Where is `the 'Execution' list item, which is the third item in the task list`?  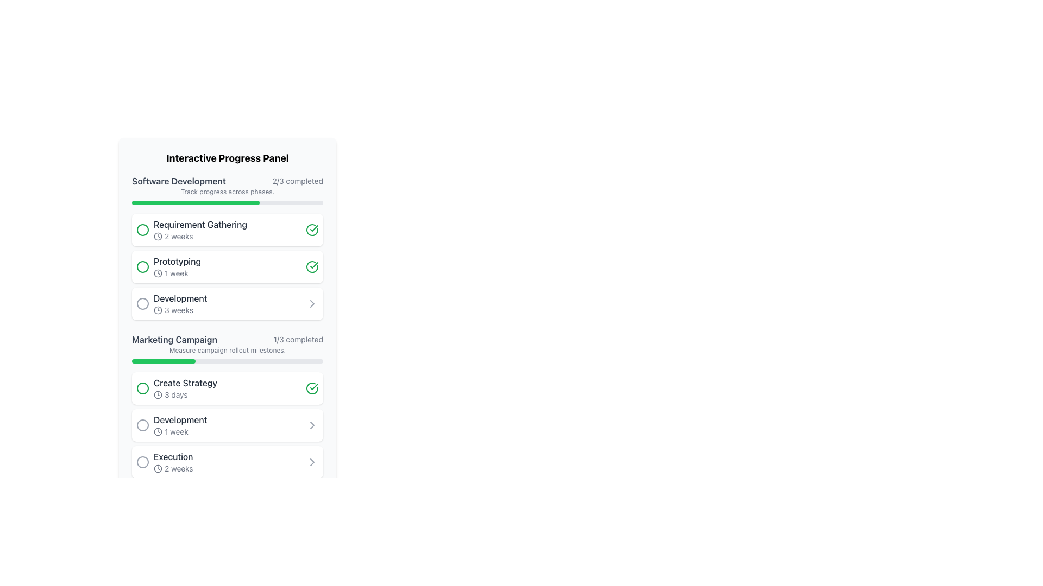 the 'Execution' list item, which is the third item in the task list is located at coordinates (227, 462).